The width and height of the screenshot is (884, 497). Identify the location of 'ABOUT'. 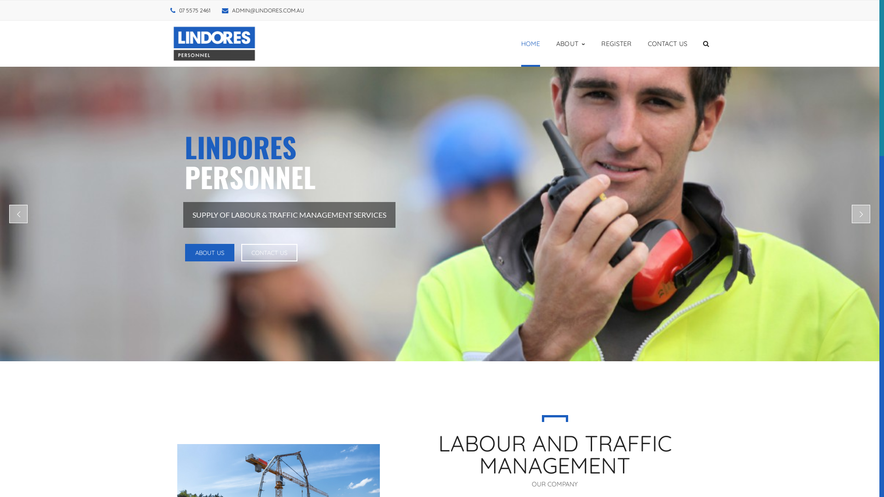
(570, 44).